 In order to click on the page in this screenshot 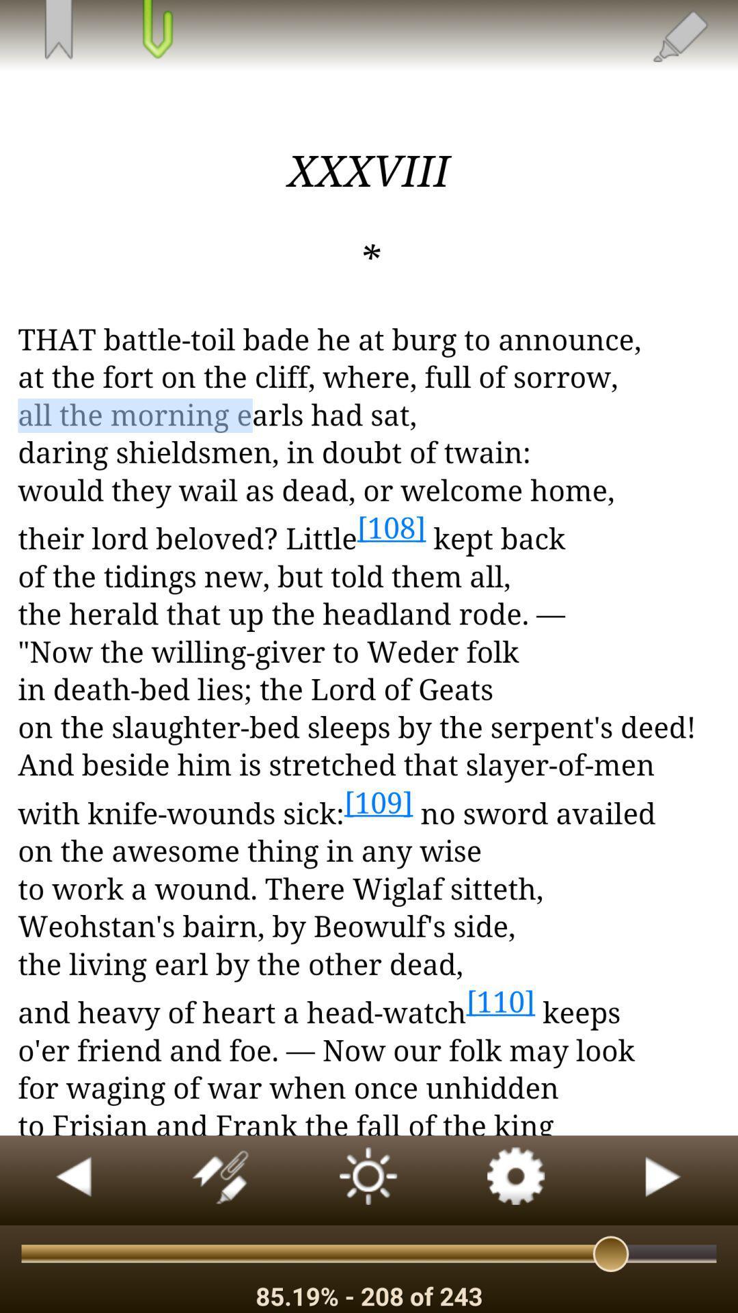, I will do `click(155, 31)`.